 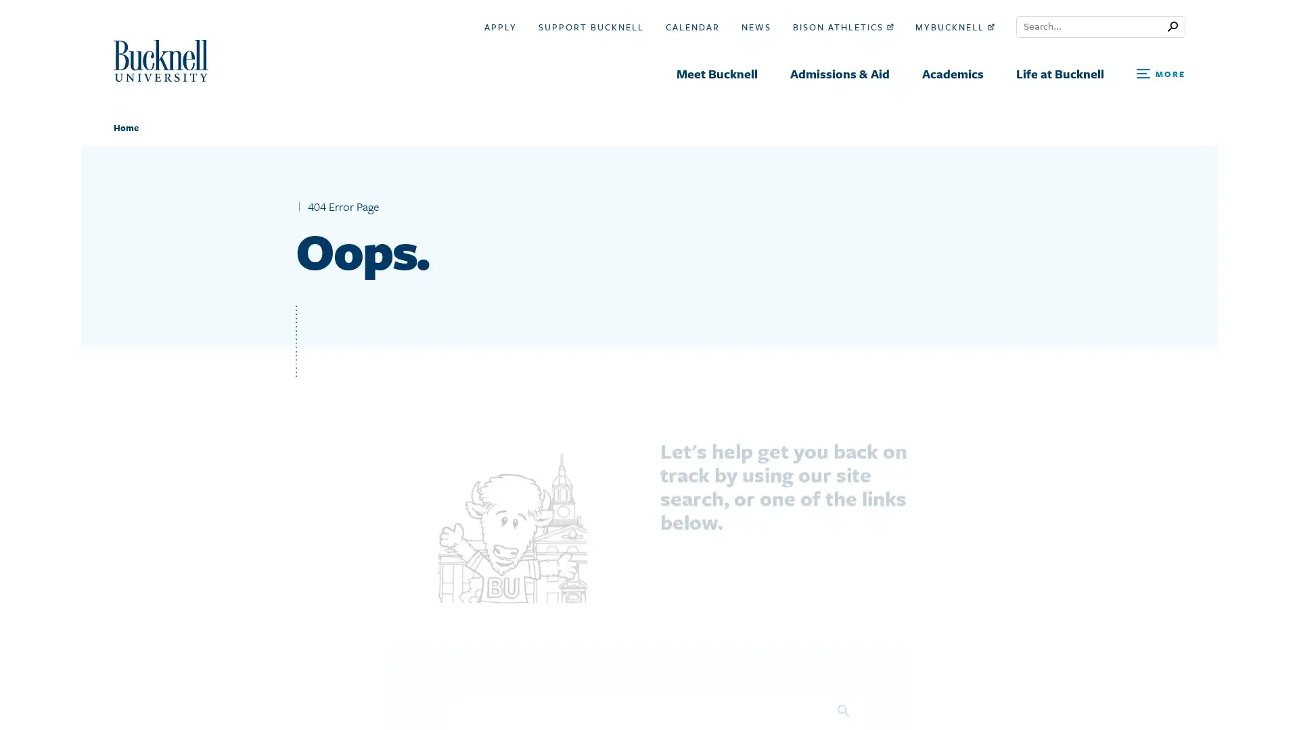 What do you see at coordinates (1160, 74) in the screenshot?
I see `Open Search and Additional Links` at bounding box center [1160, 74].